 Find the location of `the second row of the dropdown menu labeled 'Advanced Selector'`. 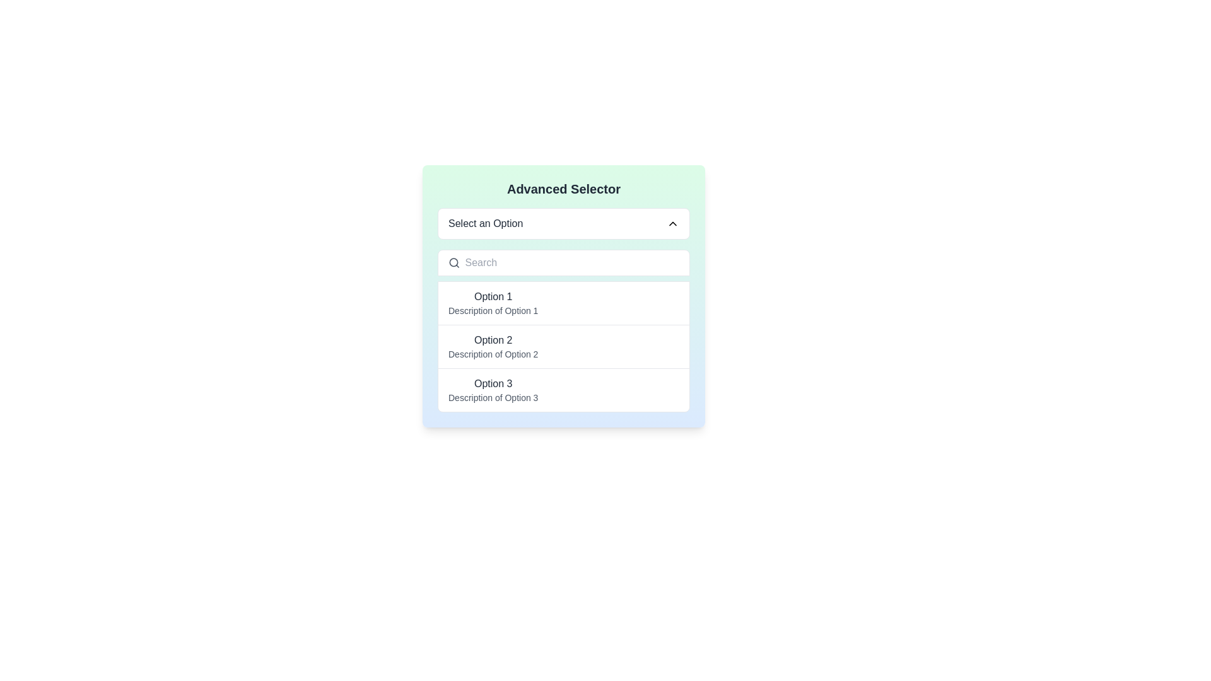

the second row of the dropdown menu labeled 'Advanced Selector' is located at coordinates (563, 346).